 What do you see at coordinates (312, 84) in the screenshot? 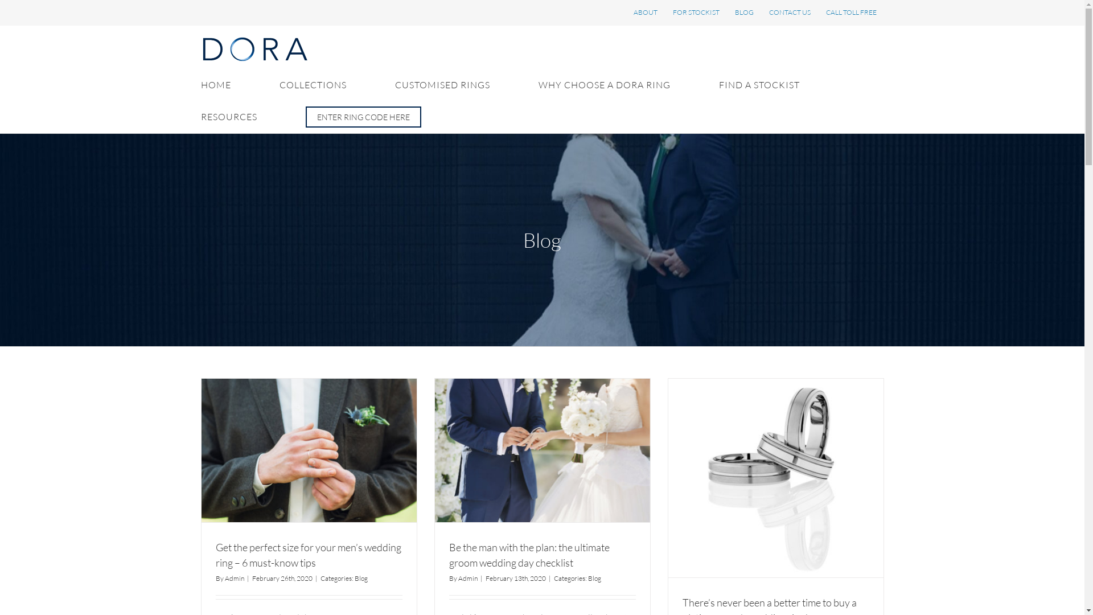
I see `'COLLECTIONS'` at bounding box center [312, 84].